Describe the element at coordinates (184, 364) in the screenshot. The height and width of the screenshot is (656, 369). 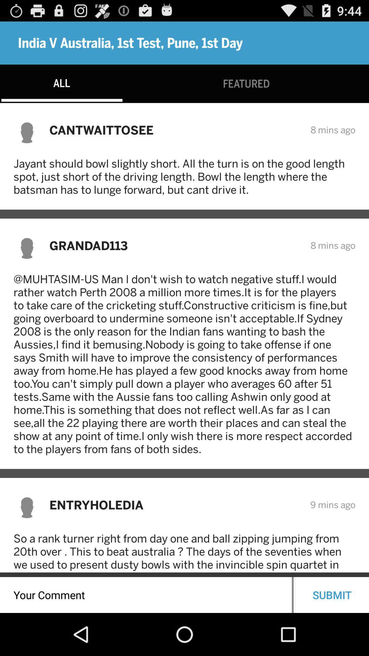
I see `the muhtasim us man icon` at that location.